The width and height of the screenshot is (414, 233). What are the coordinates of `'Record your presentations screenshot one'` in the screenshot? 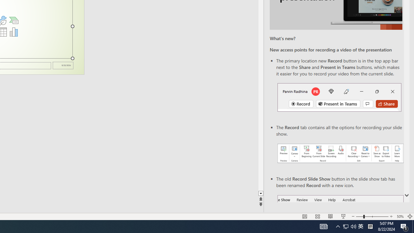 It's located at (340, 153).